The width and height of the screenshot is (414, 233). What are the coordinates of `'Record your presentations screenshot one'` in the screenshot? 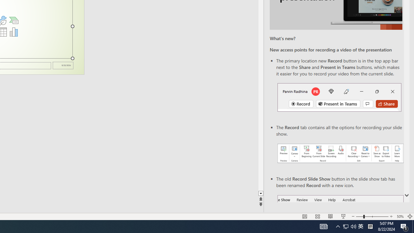 It's located at (340, 153).